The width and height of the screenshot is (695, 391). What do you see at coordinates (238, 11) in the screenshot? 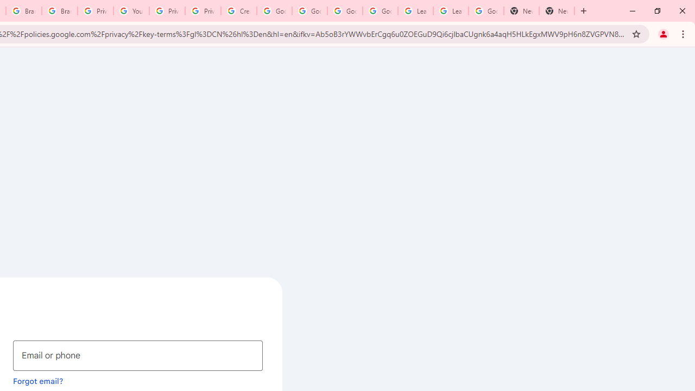
I see `'Create your Google Account'` at bounding box center [238, 11].